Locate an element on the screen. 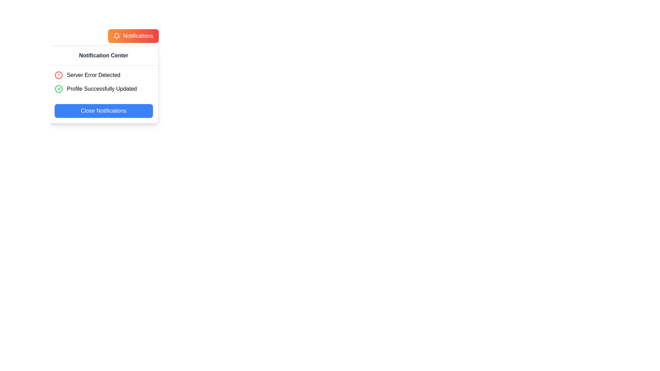 The width and height of the screenshot is (660, 371). the visual indicator (SVG circle within an alert icon) located to the left of the 'Server Error Detected' message in the notification panel is located at coordinates (58, 75).